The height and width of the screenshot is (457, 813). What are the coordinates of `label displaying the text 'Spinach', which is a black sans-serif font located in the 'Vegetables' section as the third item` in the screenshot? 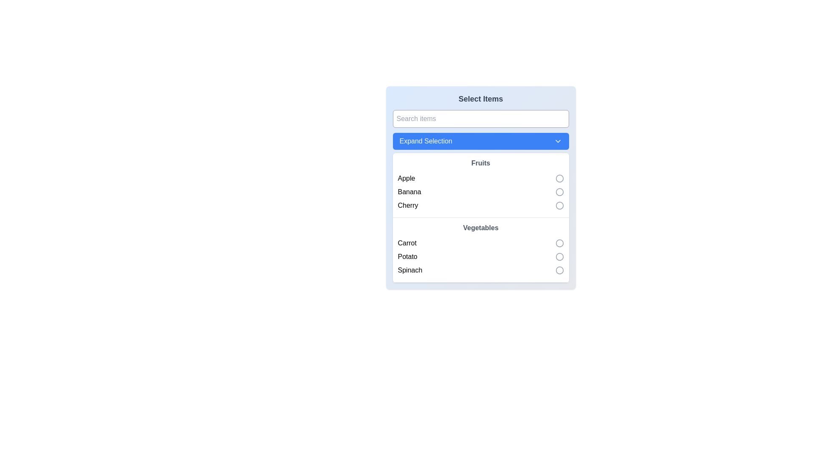 It's located at (410, 270).